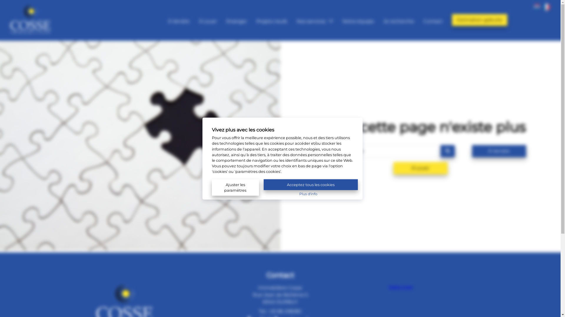  What do you see at coordinates (480, 20) in the screenshot?
I see `'Estimation gratuite'` at bounding box center [480, 20].